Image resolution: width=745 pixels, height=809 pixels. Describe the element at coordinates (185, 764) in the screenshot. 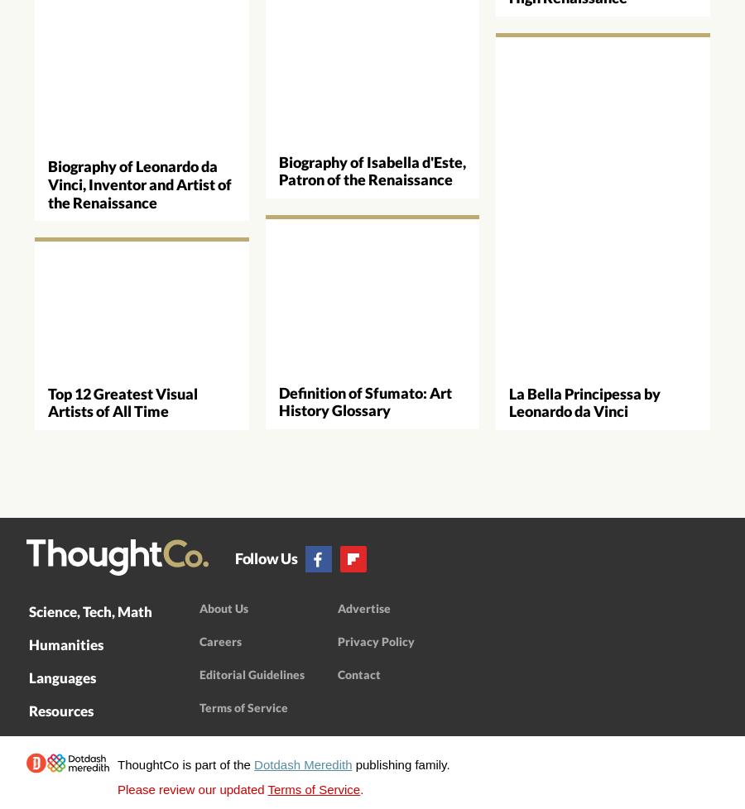

I see `'ThoughtCo is part of the'` at that location.